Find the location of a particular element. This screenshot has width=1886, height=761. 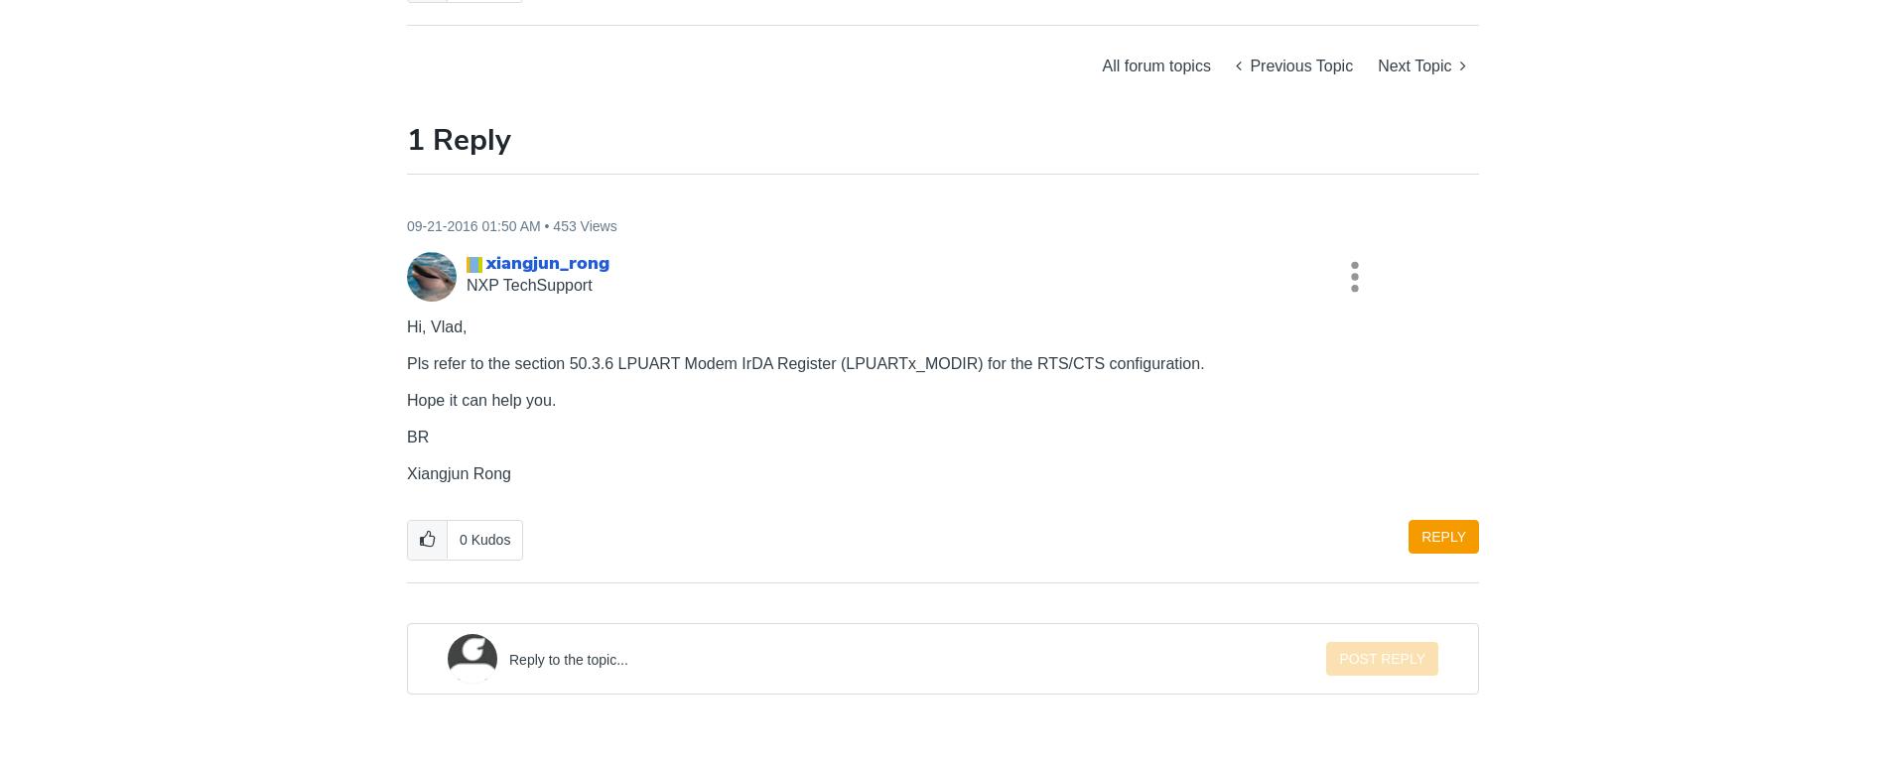

'Hope it can help you.' is located at coordinates (481, 400).